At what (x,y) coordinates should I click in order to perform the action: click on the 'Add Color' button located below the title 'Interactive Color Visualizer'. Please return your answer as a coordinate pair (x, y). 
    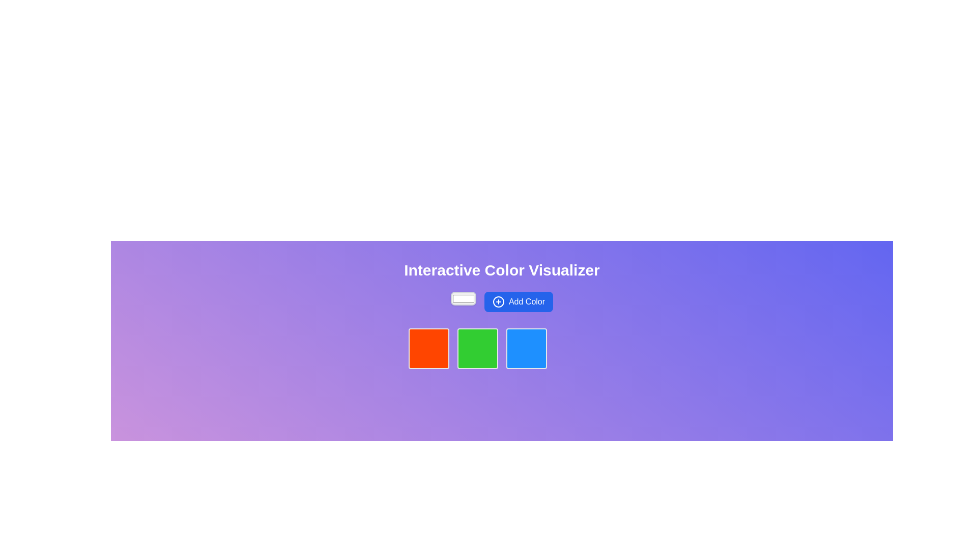
    Looking at the image, I should click on (502, 301).